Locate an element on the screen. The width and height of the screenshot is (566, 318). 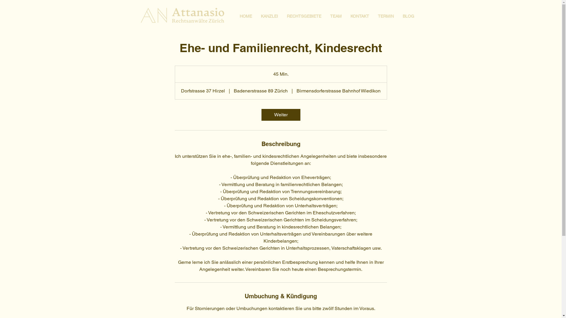
'TEAM' is located at coordinates (335, 15).